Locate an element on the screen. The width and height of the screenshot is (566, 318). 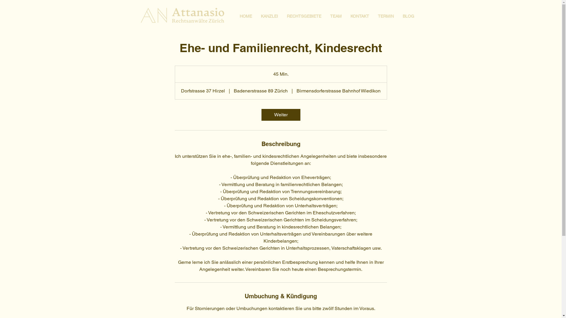
'TEAM' is located at coordinates (335, 15).